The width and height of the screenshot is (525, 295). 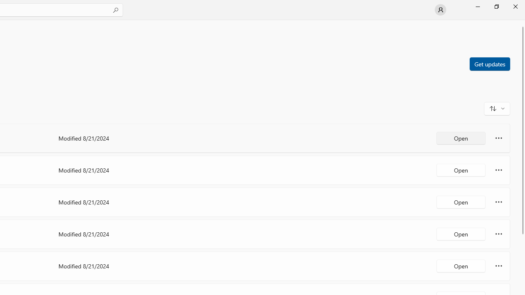 What do you see at coordinates (489, 63) in the screenshot?
I see `'Get updates'` at bounding box center [489, 63].